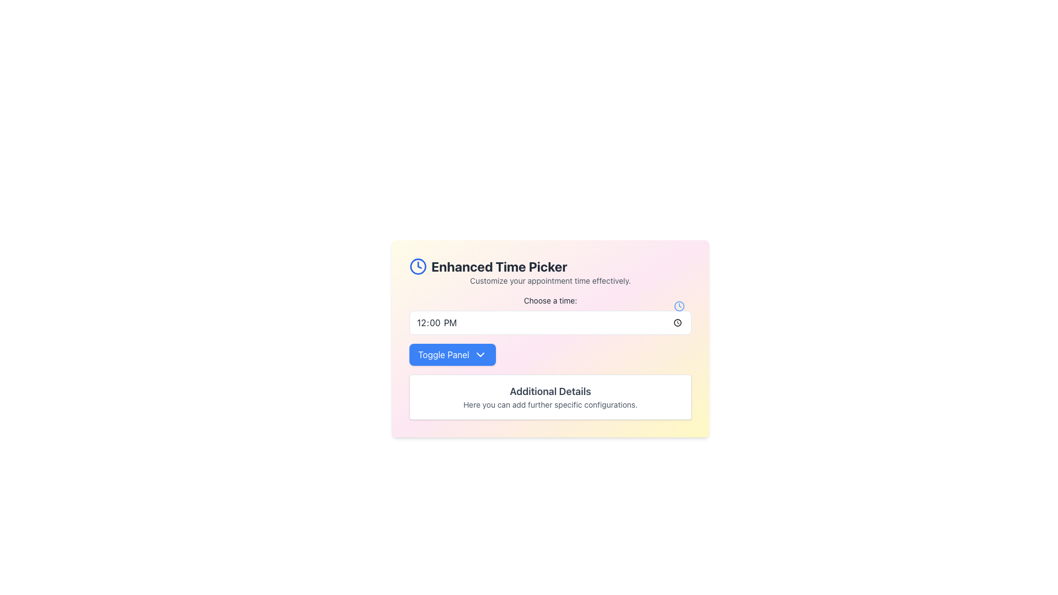 The height and width of the screenshot is (595, 1058). I want to click on the informational text that reads 'Here you can add further specific configurations.', which is positioned centrally beneath the heading 'Additional Details', so click(550, 405).